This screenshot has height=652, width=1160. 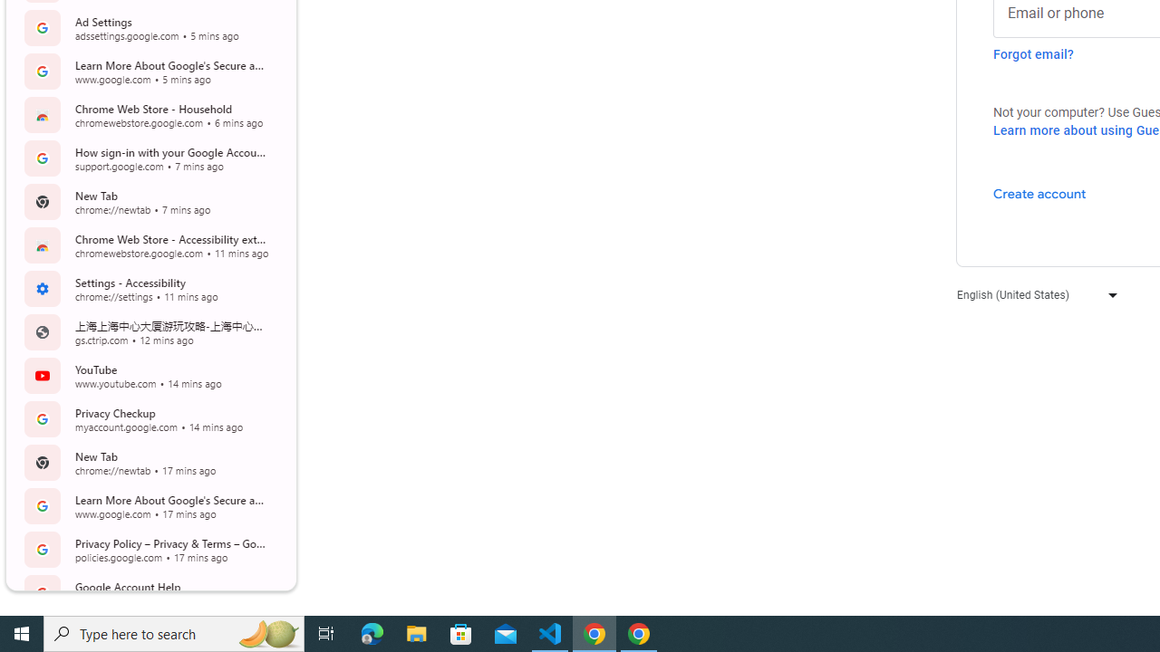 What do you see at coordinates (549, 632) in the screenshot?
I see `'Visual Studio Code - 1 running window'` at bounding box center [549, 632].